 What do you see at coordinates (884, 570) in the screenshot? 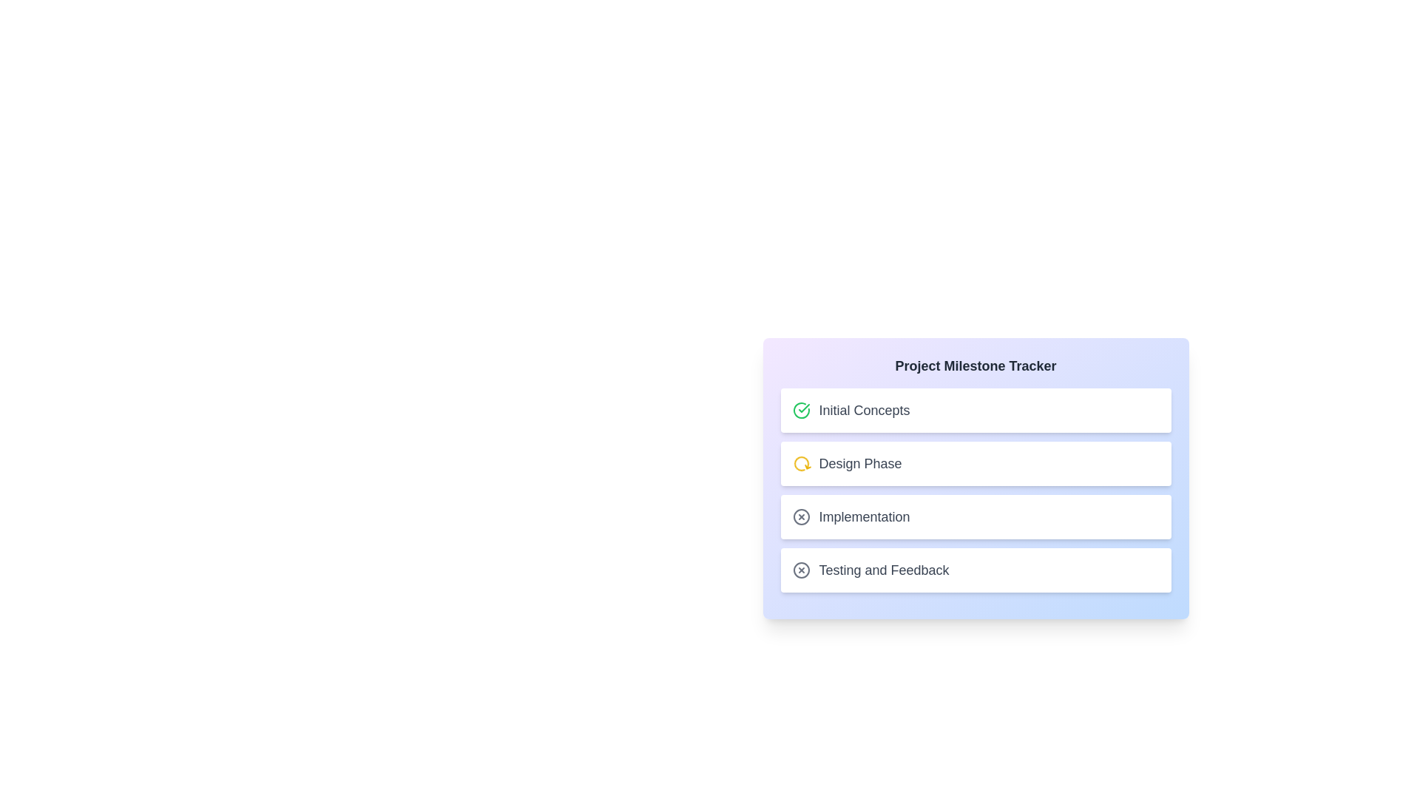
I see `the text label 'Testing and Feedback' located in the bottom row of the 'Project Milestone Tracker' card to trigger a tooltip or visual response` at bounding box center [884, 570].